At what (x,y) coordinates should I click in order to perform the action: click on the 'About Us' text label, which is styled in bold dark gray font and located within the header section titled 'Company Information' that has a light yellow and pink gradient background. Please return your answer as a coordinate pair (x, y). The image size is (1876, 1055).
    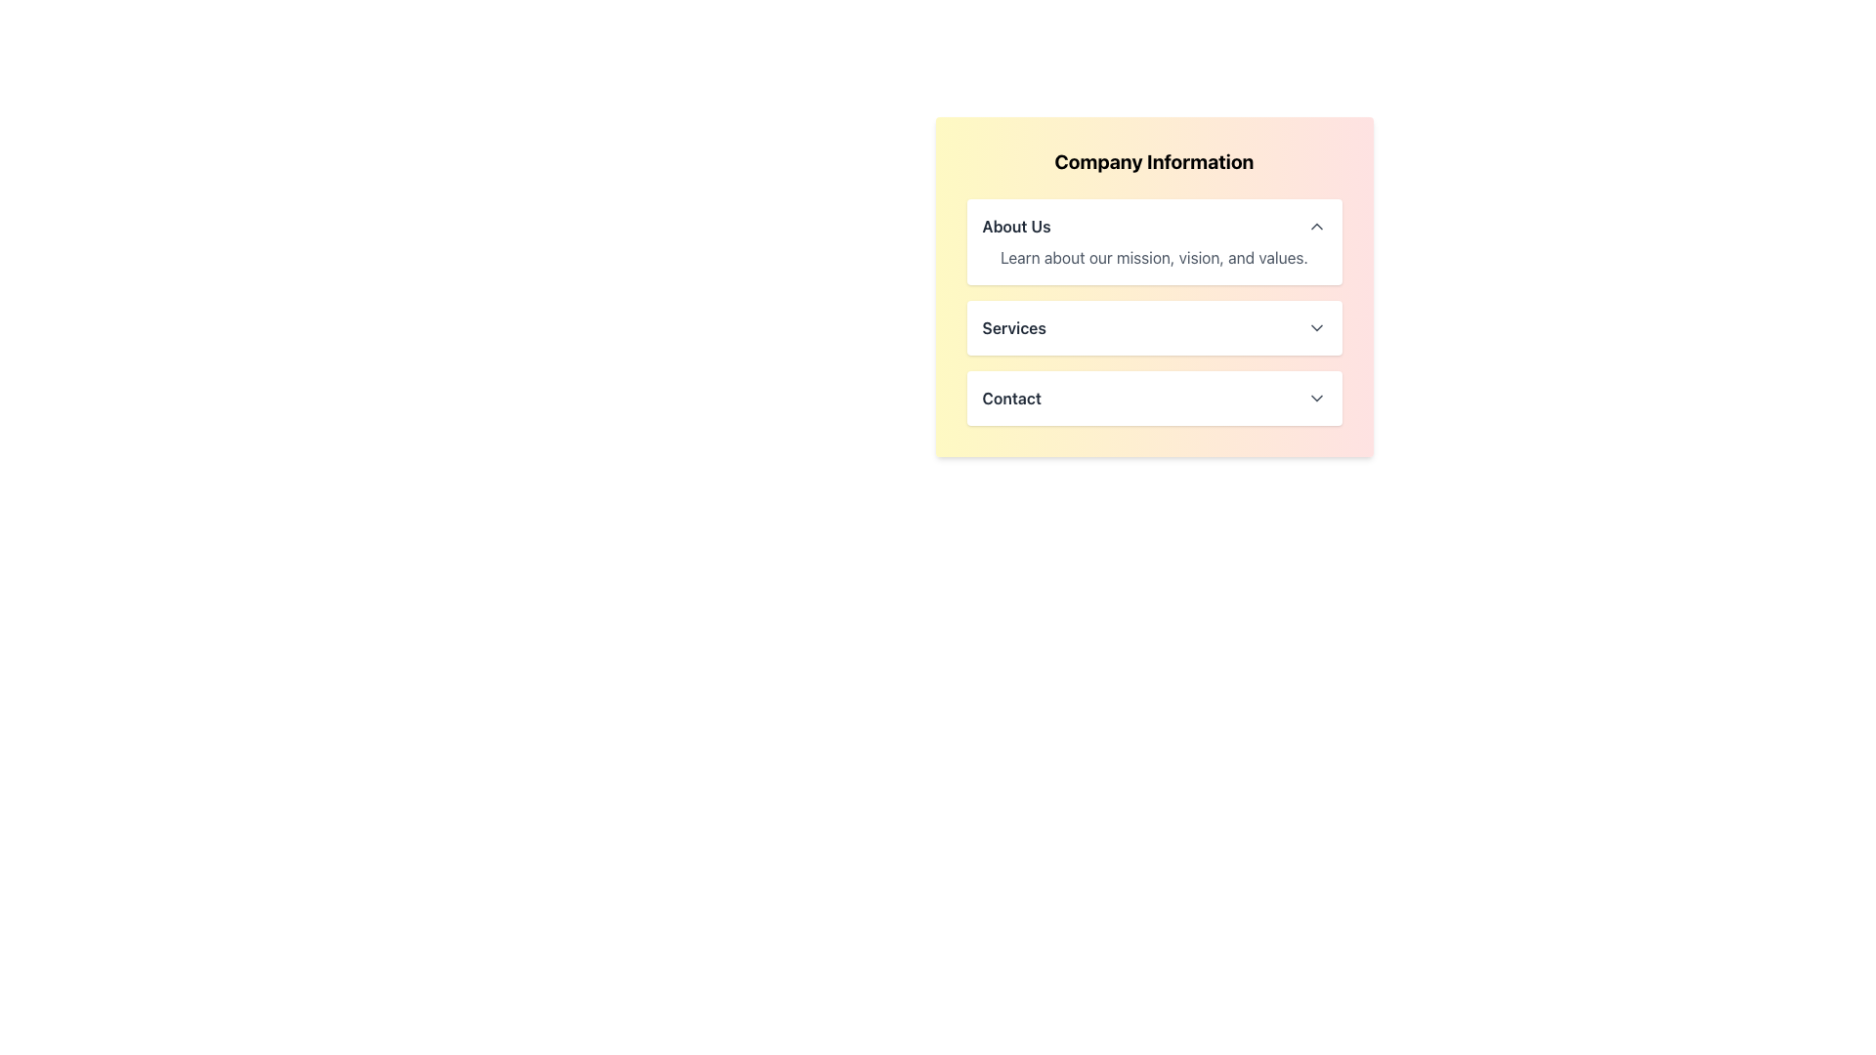
    Looking at the image, I should click on (1016, 225).